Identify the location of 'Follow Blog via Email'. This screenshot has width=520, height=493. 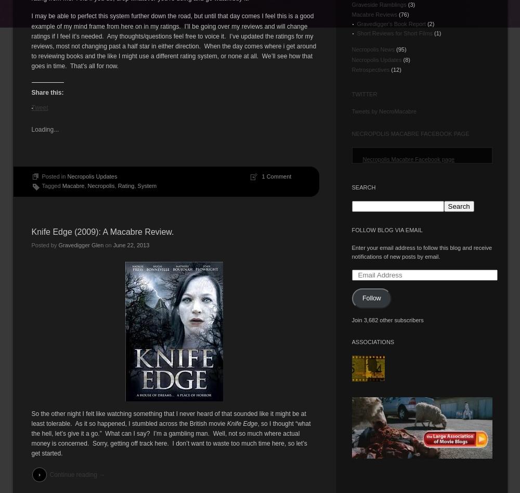
(352, 230).